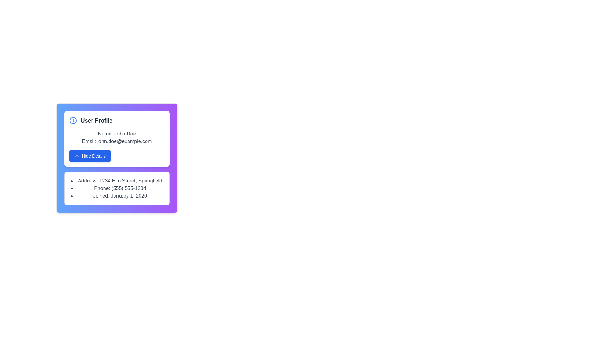  What do you see at coordinates (117, 141) in the screenshot?
I see `the 'Email: john.doe@example.com' text display in the 'User Profile' card, which is located below the 'Name: John Doe' text and above the 'Hide Details' button` at bounding box center [117, 141].